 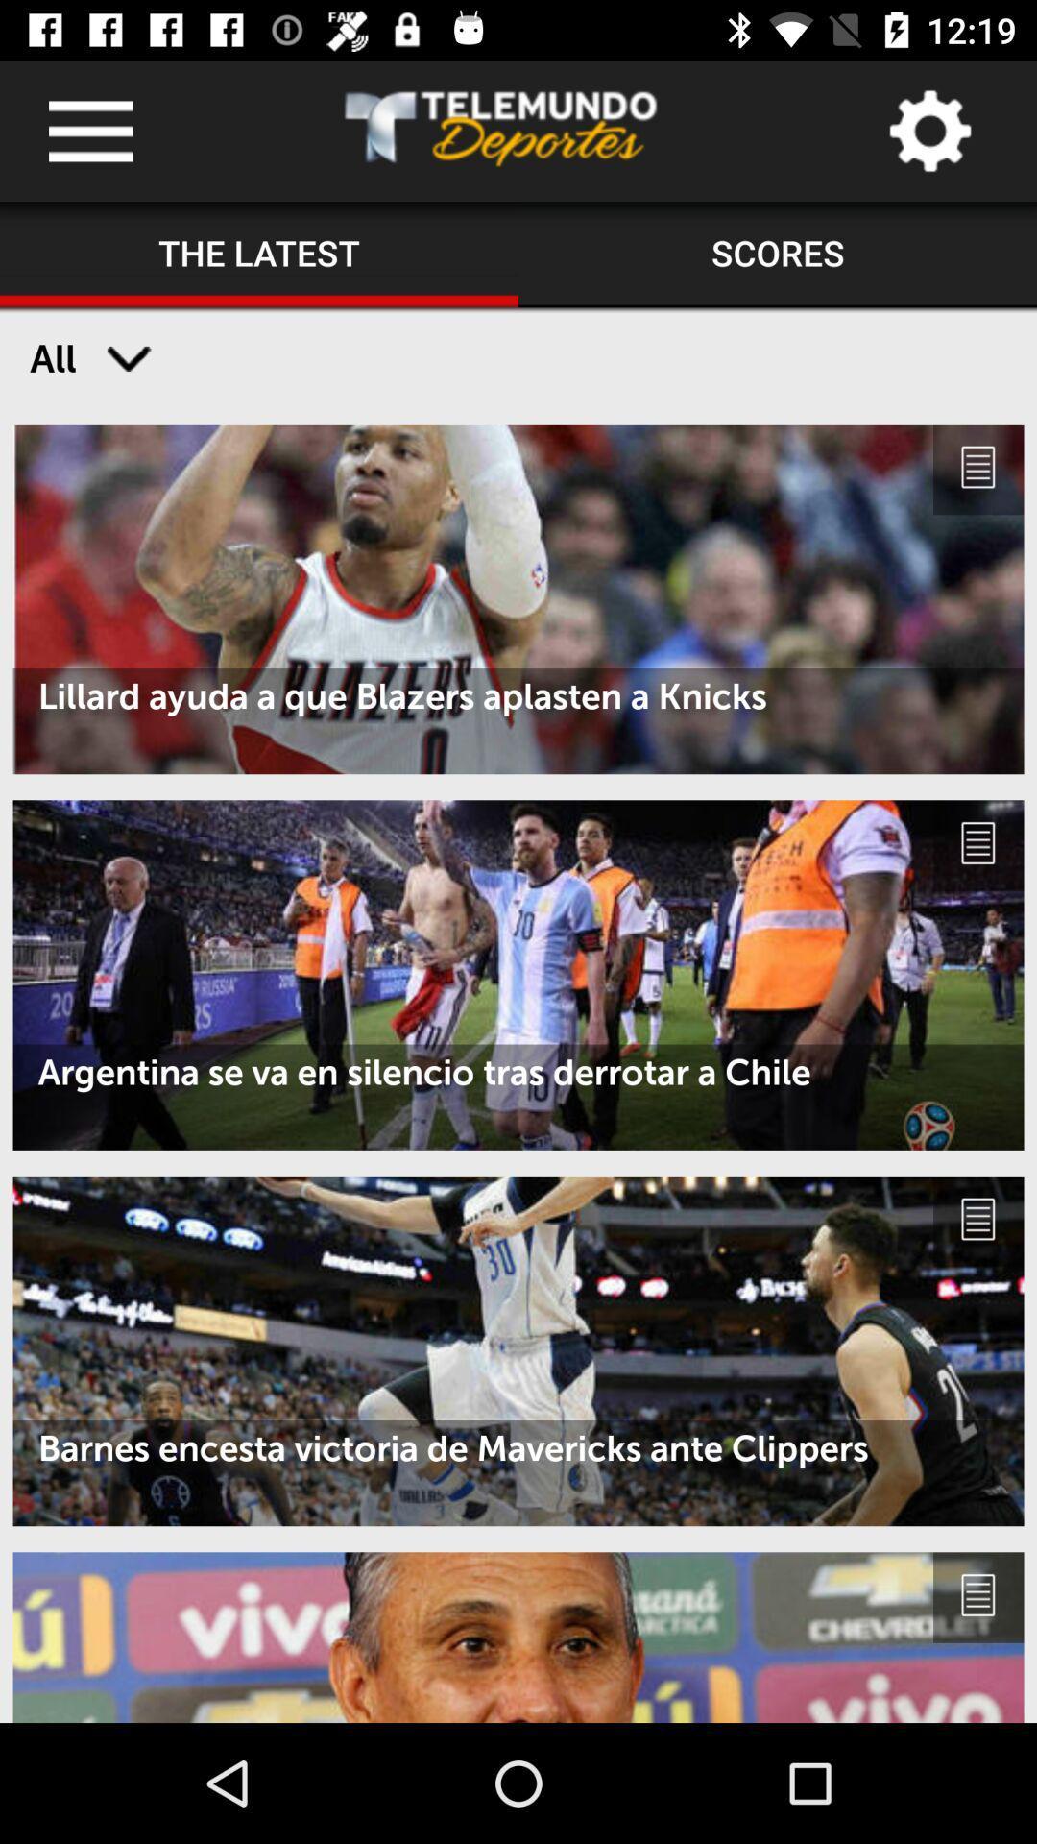 What do you see at coordinates (778, 254) in the screenshot?
I see `the scores icon` at bounding box center [778, 254].